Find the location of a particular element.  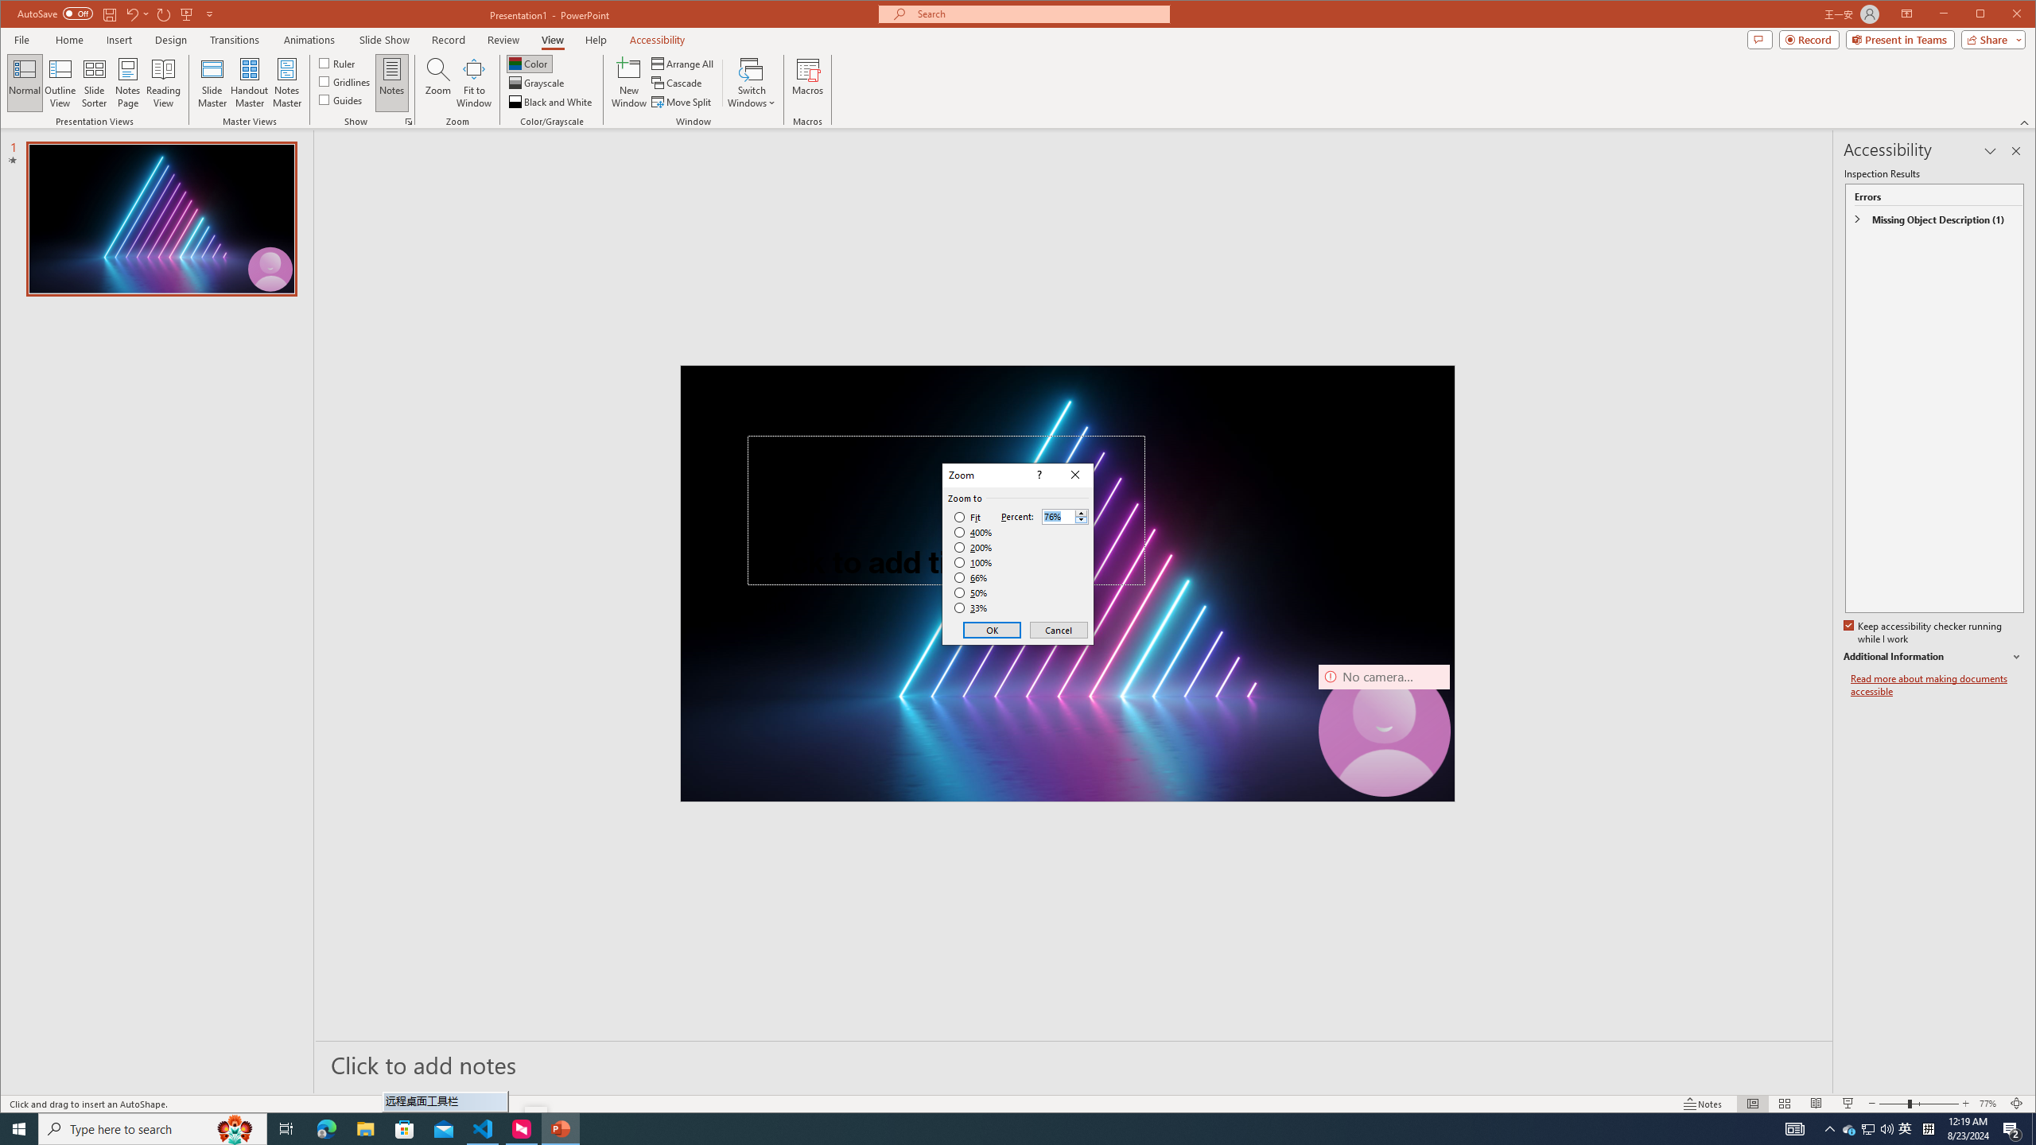

'Notes Page' is located at coordinates (127, 82).